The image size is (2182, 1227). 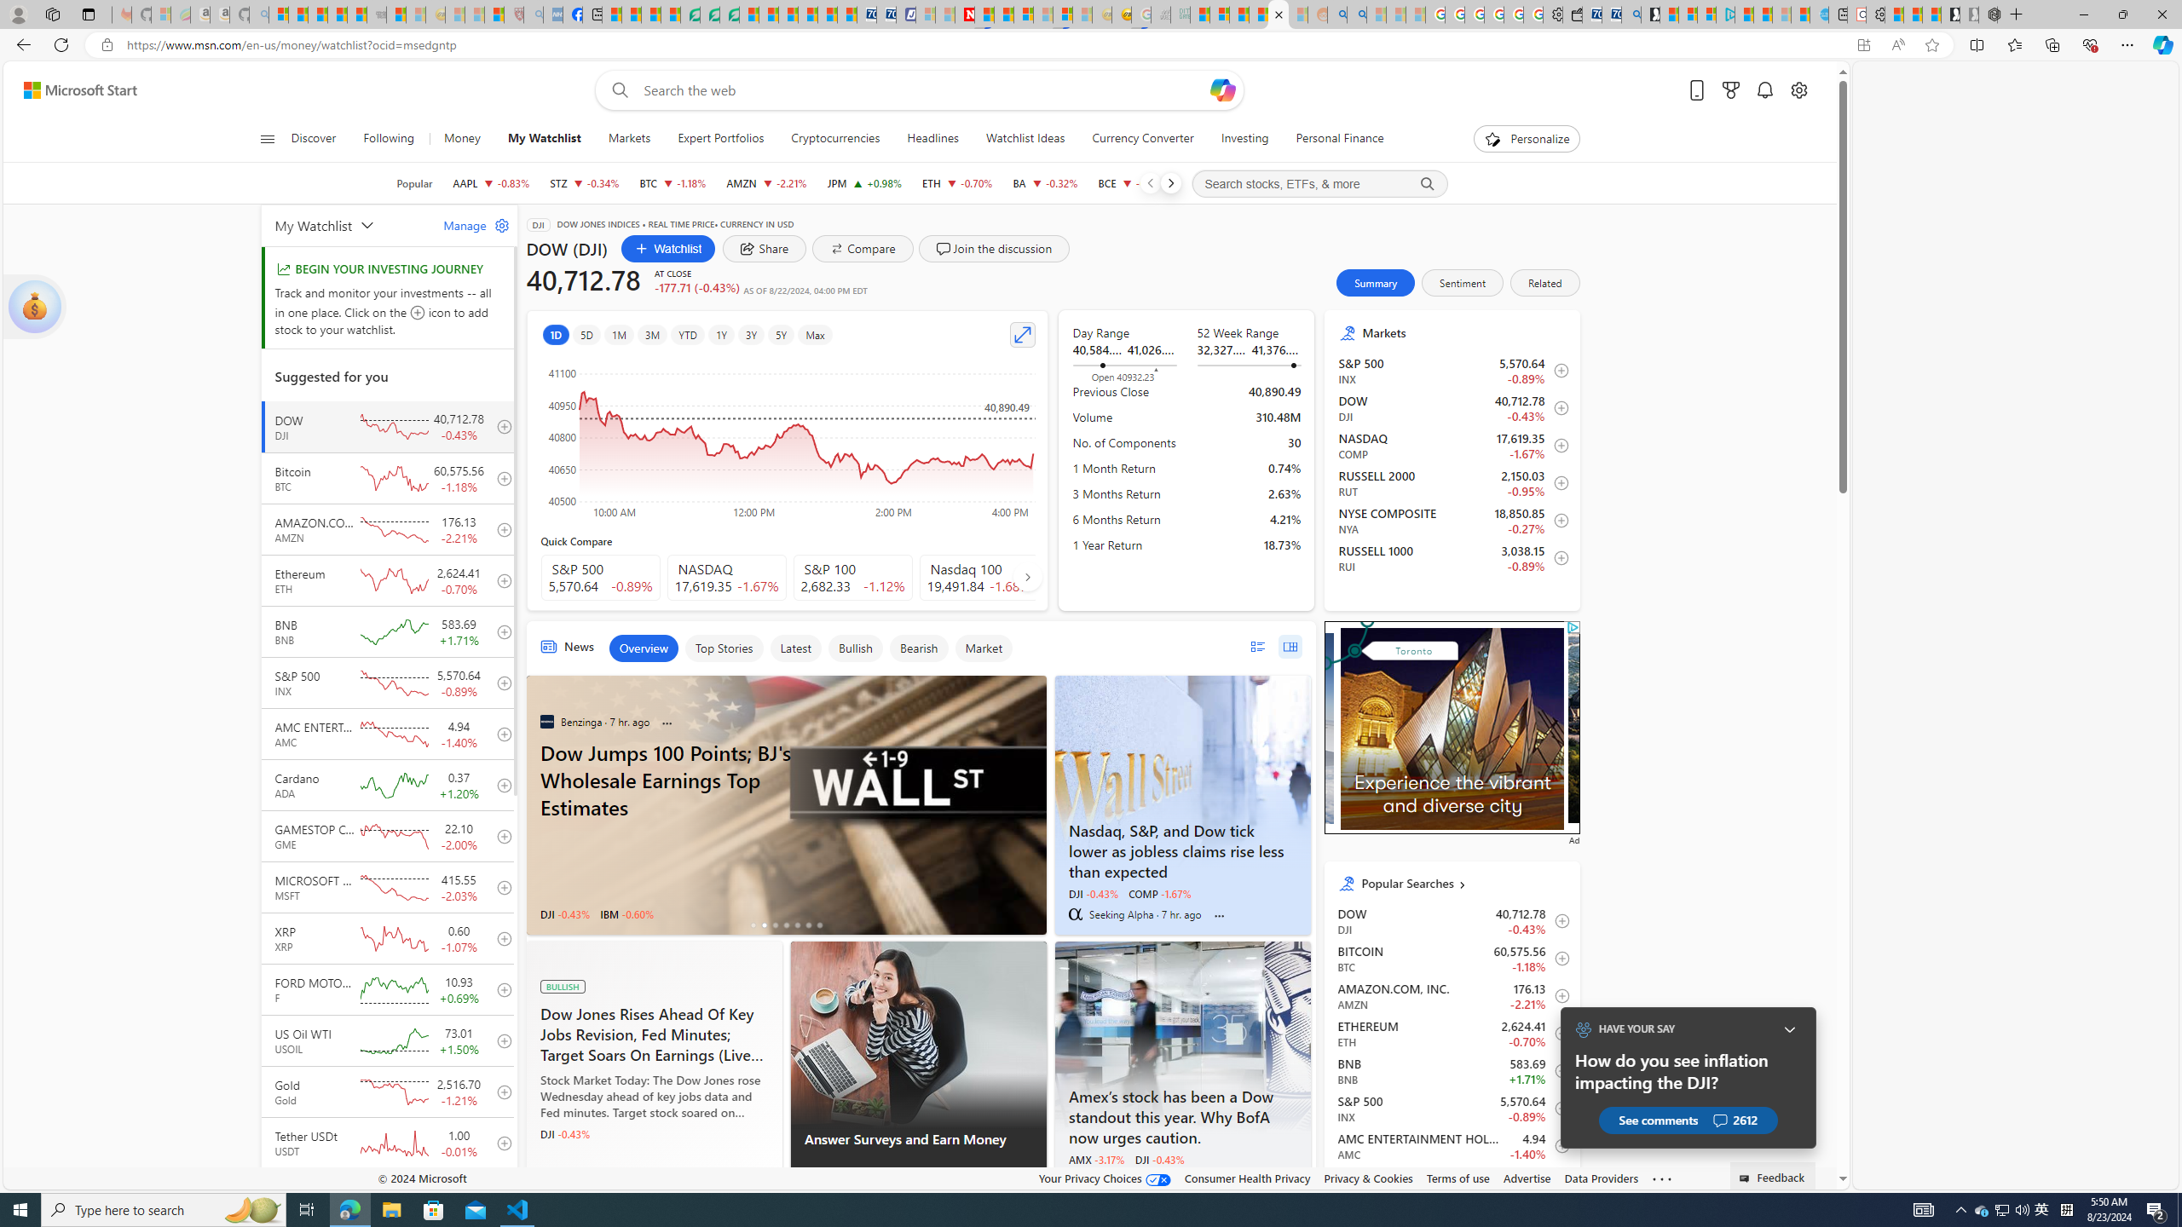 I want to click on '1D', so click(x=555, y=334).